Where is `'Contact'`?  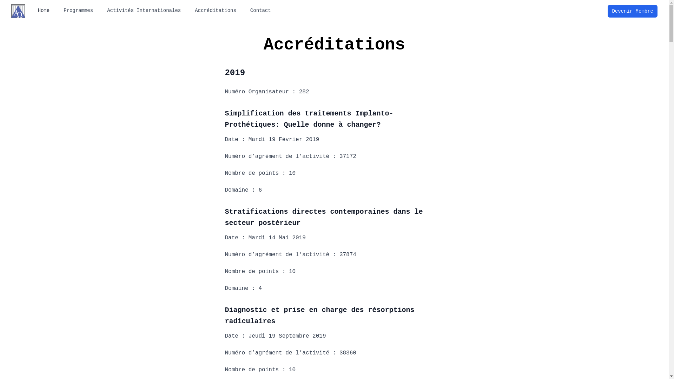
'Contact' is located at coordinates (260, 11).